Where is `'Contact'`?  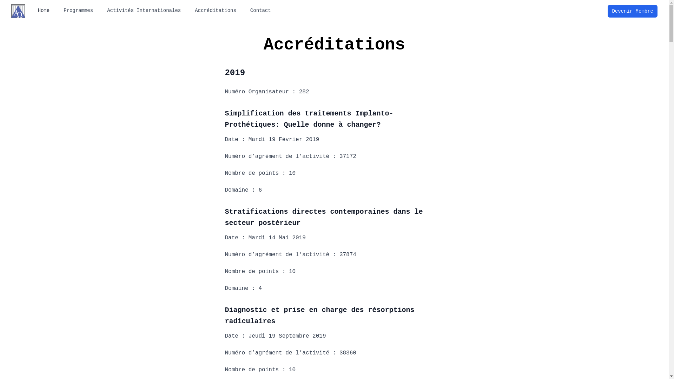
'Contact' is located at coordinates (260, 11).